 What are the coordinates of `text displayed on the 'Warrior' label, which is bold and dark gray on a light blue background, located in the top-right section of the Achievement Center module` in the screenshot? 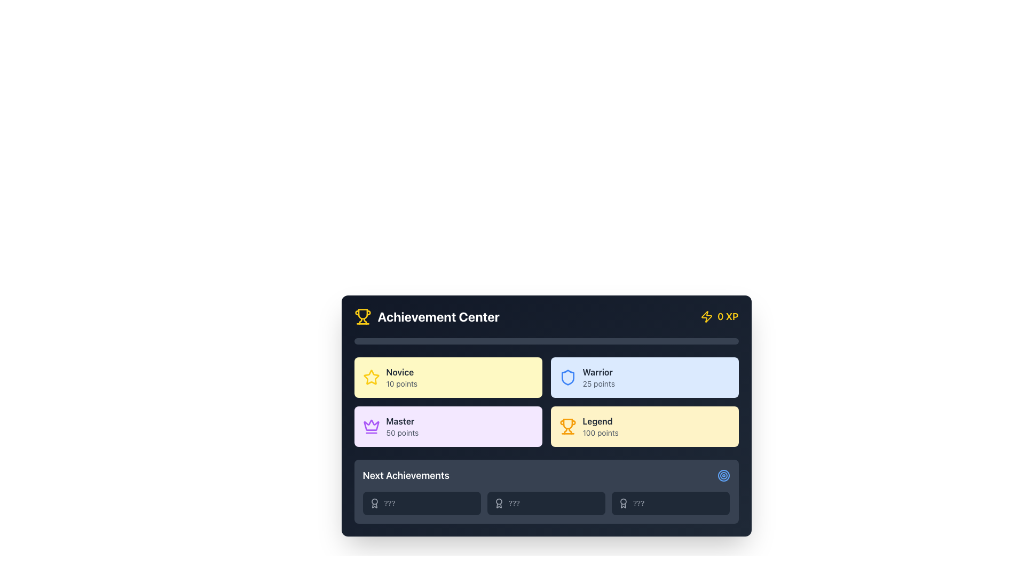 It's located at (598, 372).